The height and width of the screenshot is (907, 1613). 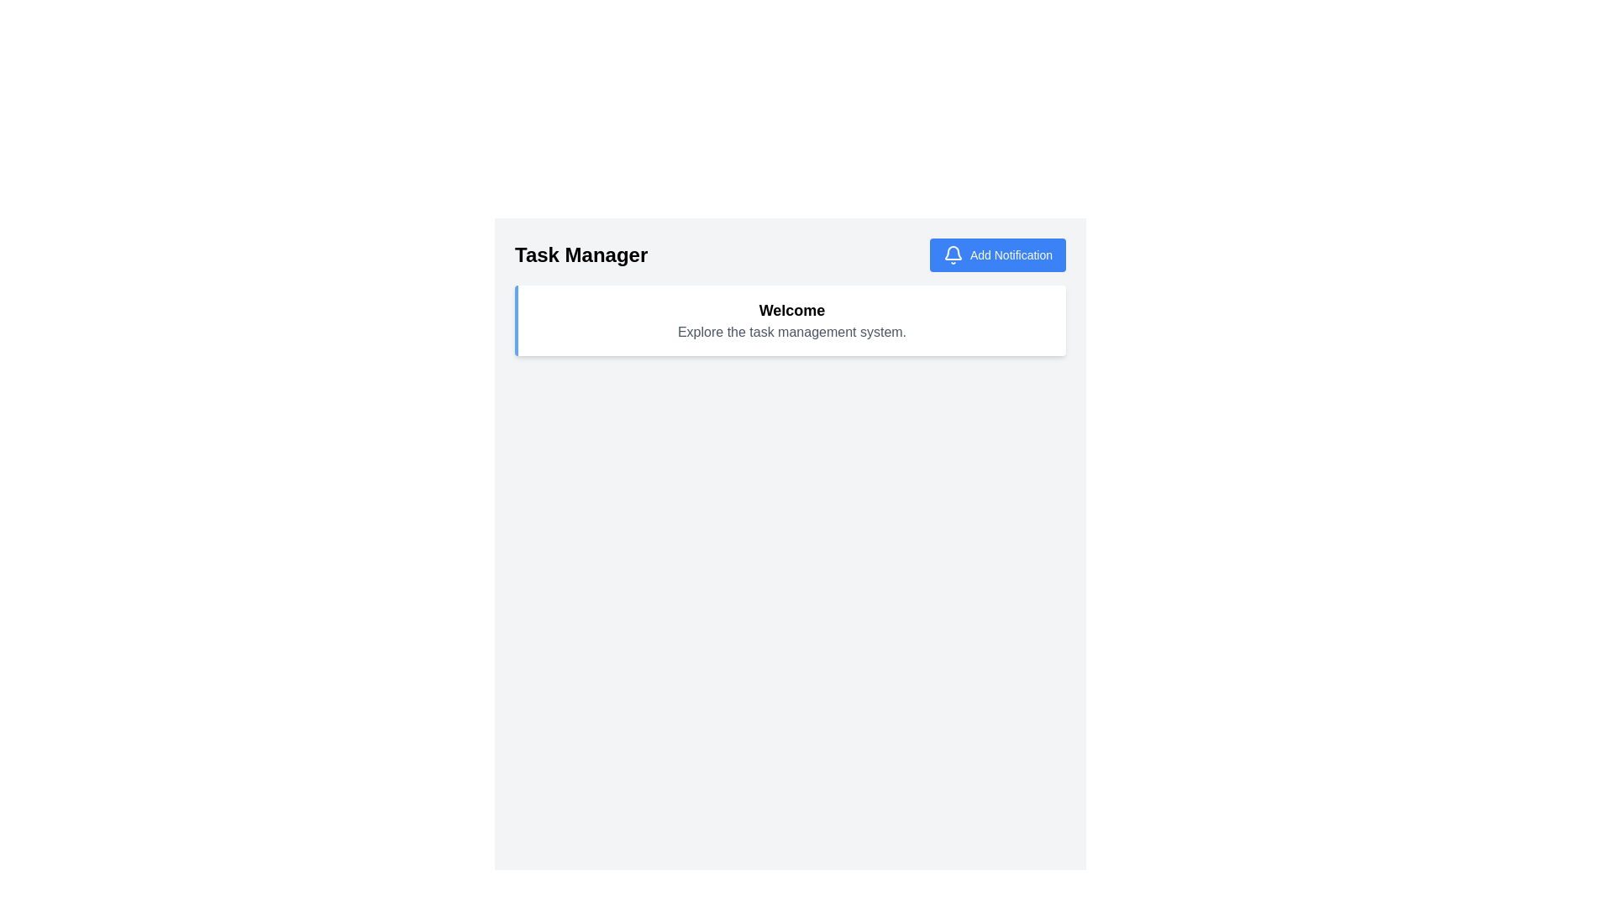 I want to click on the decorative icon that symbolizes the notification functionality of the 'Add Notification' button, located at the start of the button content in the top-right corner of the interface, so click(x=953, y=255).